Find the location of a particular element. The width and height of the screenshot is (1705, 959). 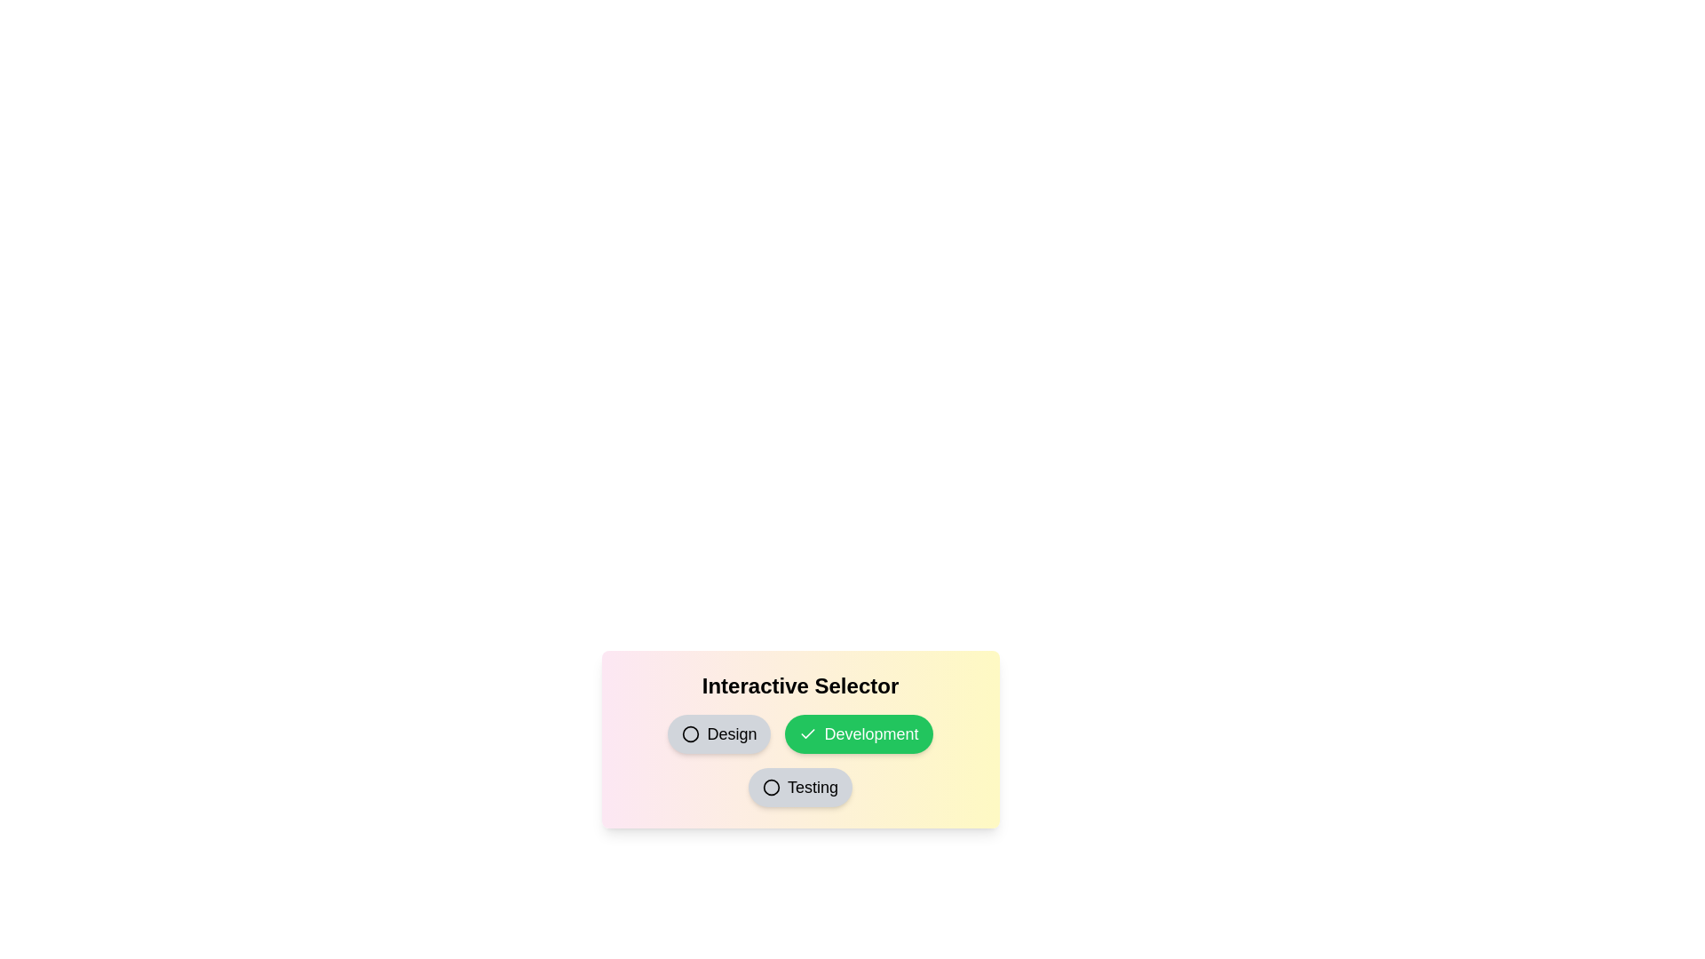

the 'Testing' button to toggle its selection state is located at coordinates (799, 787).